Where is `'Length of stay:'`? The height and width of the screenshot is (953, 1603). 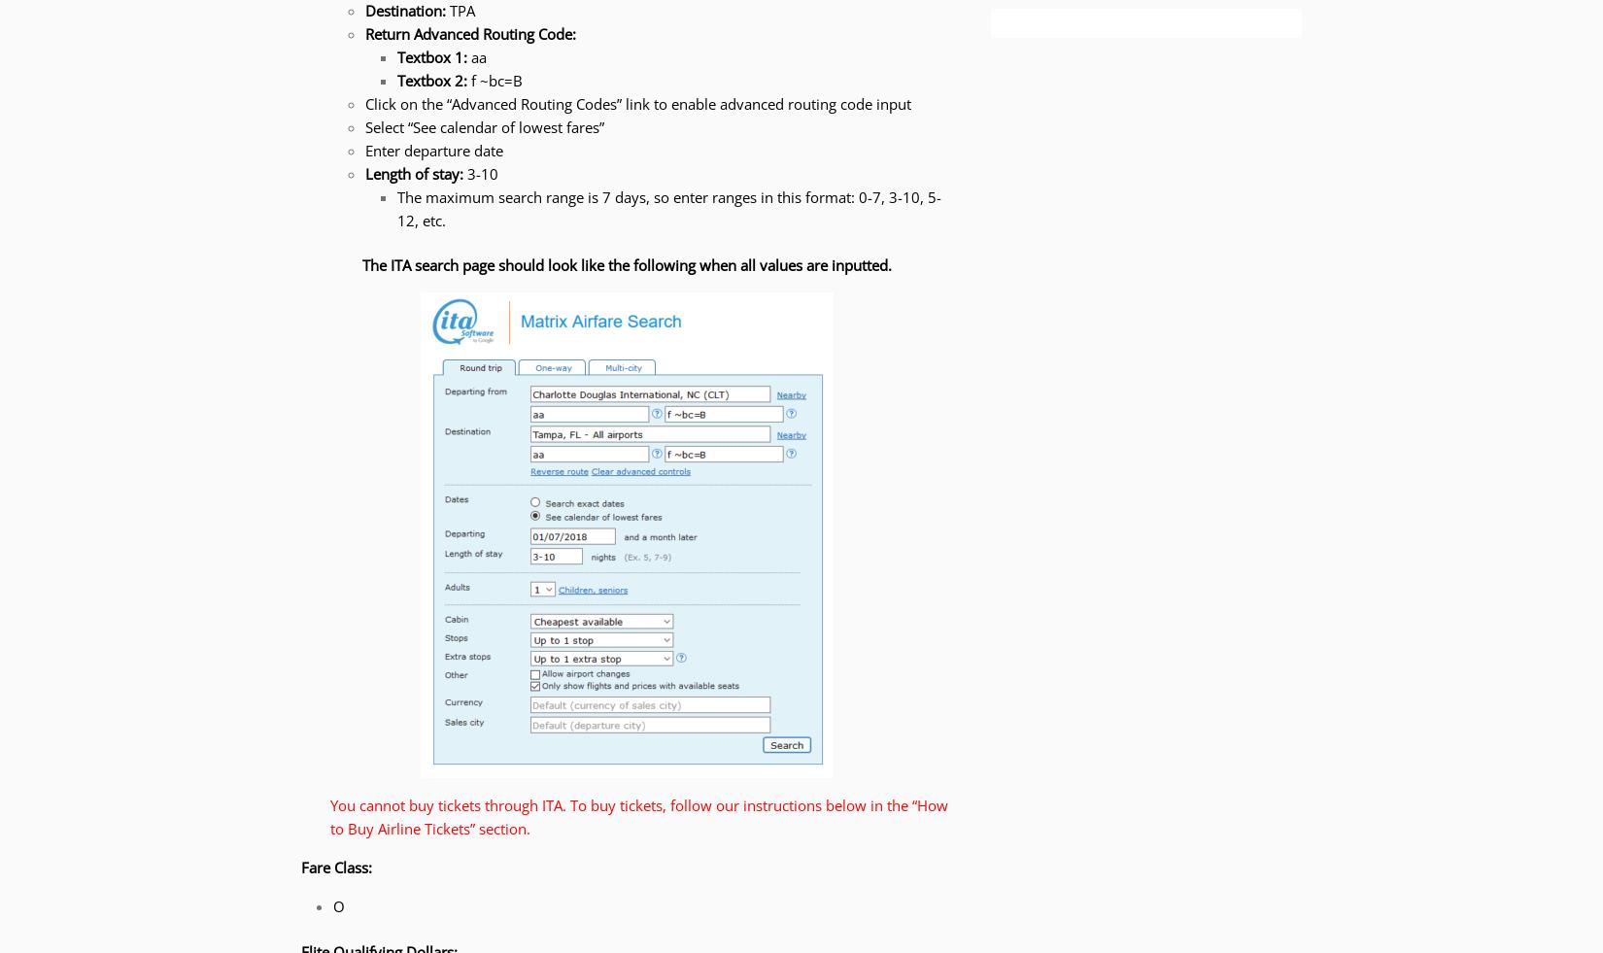
'Length of stay:' is located at coordinates (413, 171).